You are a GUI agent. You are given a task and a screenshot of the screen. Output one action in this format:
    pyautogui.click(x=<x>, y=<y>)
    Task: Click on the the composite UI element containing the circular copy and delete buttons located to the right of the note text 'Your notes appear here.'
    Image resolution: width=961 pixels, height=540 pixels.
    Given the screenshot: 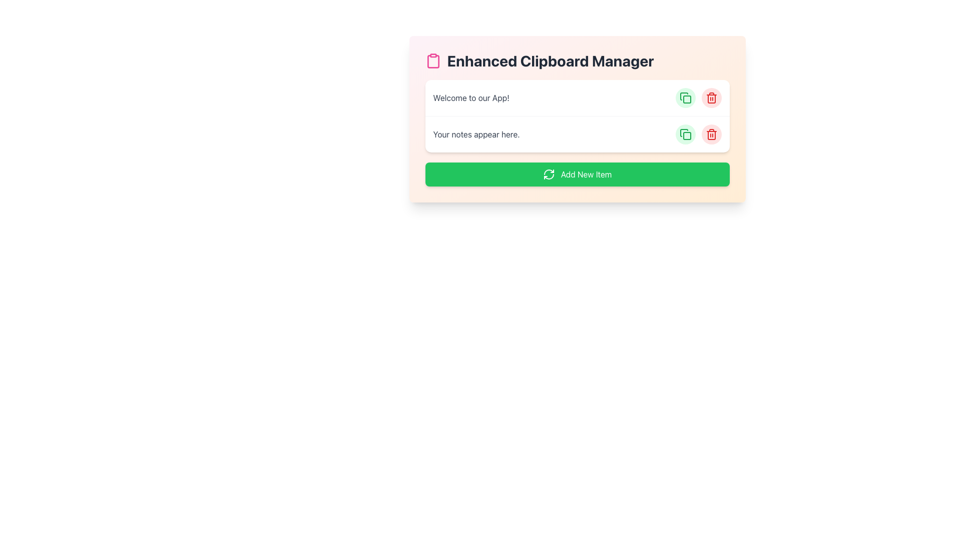 What is the action you would take?
    pyautogui.click(x=698, y=134)
    